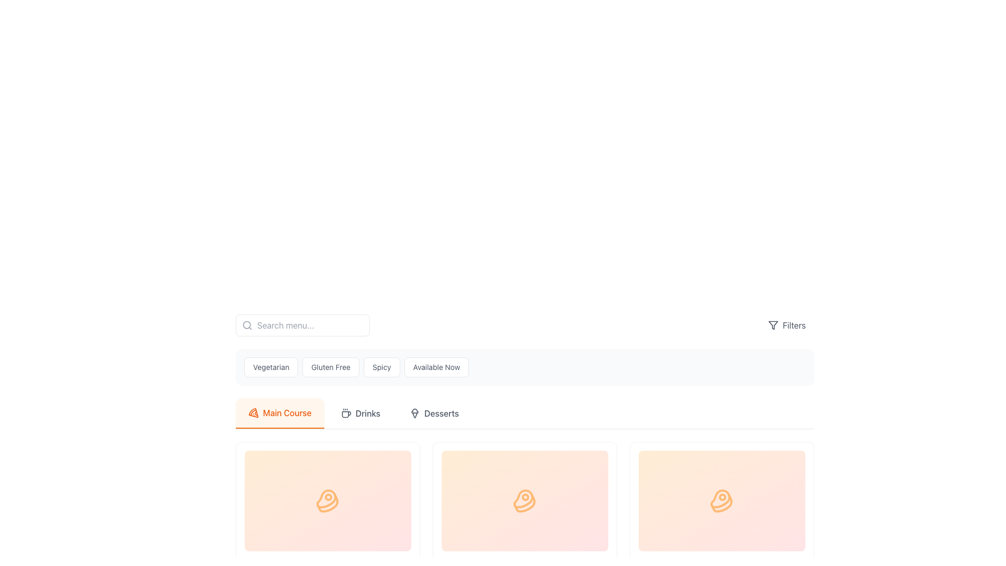 The width and height of the screenshot is (1006, 566). What do you see at coordinates (360, 413) in the screenshot?
I see `the 'Drinks' button, which features a coffee cup icon and is located between the 'Main Course' and 'Desserts' buttons, to switch to the Drinks category` at bounding box center [360, 413].